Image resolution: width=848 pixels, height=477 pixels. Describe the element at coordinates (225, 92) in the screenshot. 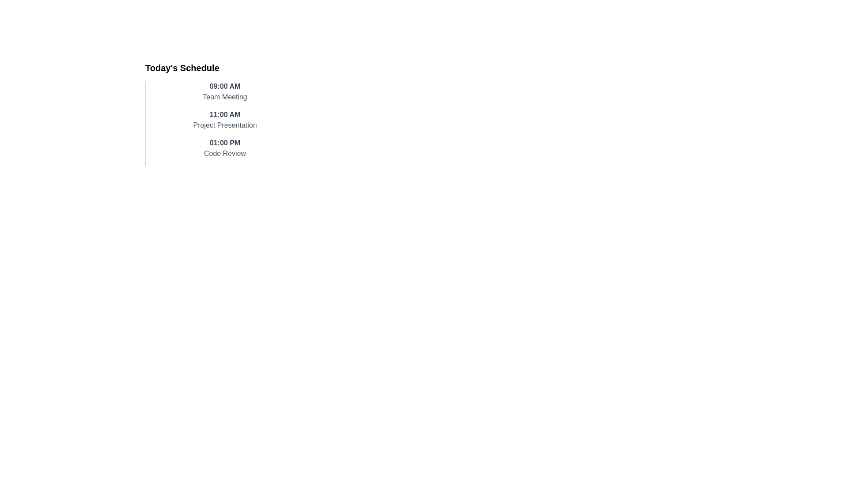

I see `the topmost Text block under 'Today's Schedule'` at that location.